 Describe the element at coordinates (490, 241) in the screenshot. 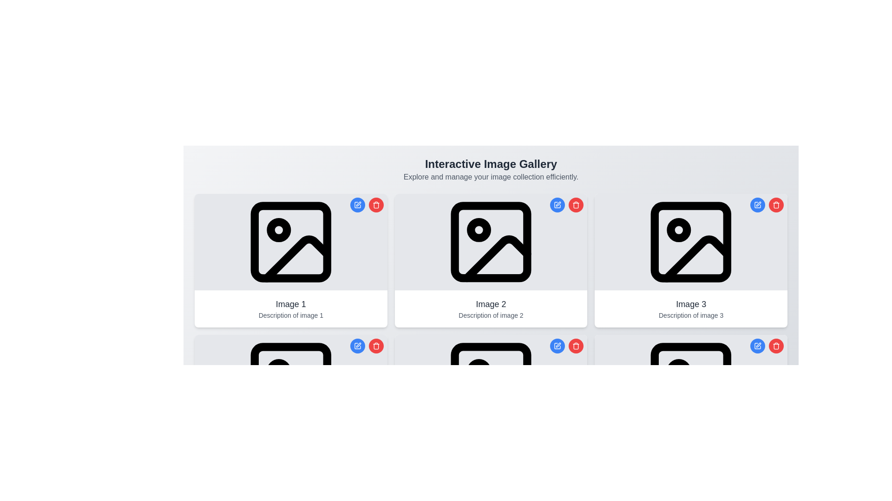

I see `the small rectangle with rounded corners located near the top-left corner of the graphical image placeholder for the second image in the gallery` at that location.